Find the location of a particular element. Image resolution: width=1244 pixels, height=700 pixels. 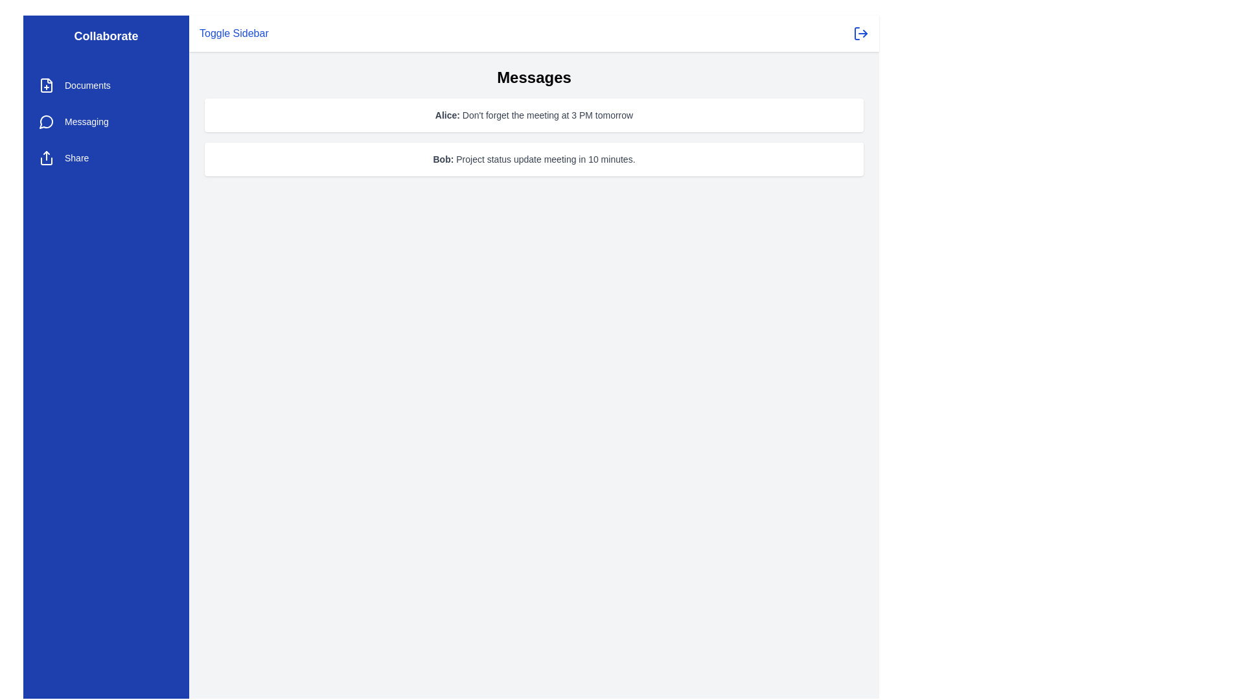

the second menu item in the left sidebar is located at coordinates (106, 122).